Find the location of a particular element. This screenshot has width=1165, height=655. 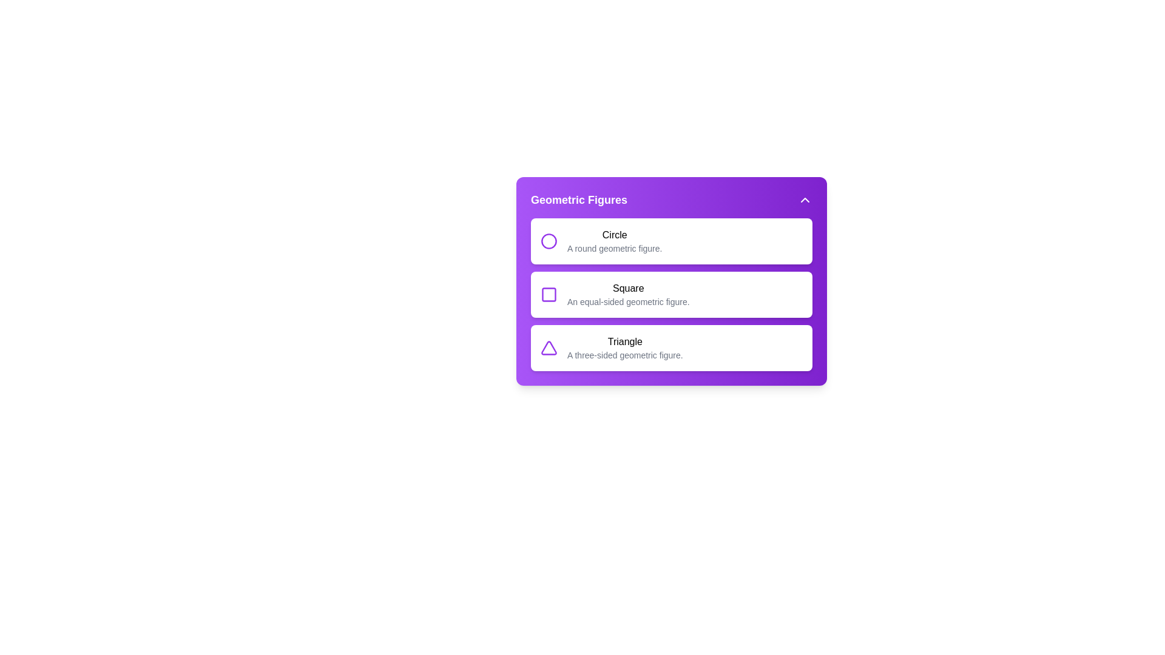

the Square item in the geometric menu is located at coordinates (628, 295).